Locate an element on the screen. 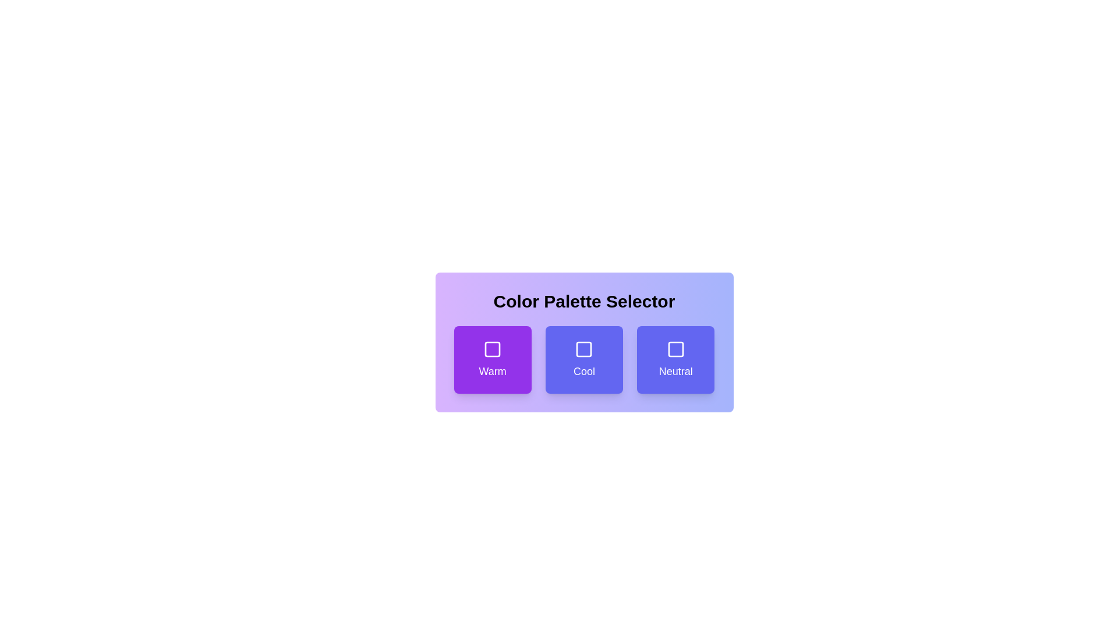 The image size is (1118, 629). the Cool button to activate it is located at coordinates (584, 359).